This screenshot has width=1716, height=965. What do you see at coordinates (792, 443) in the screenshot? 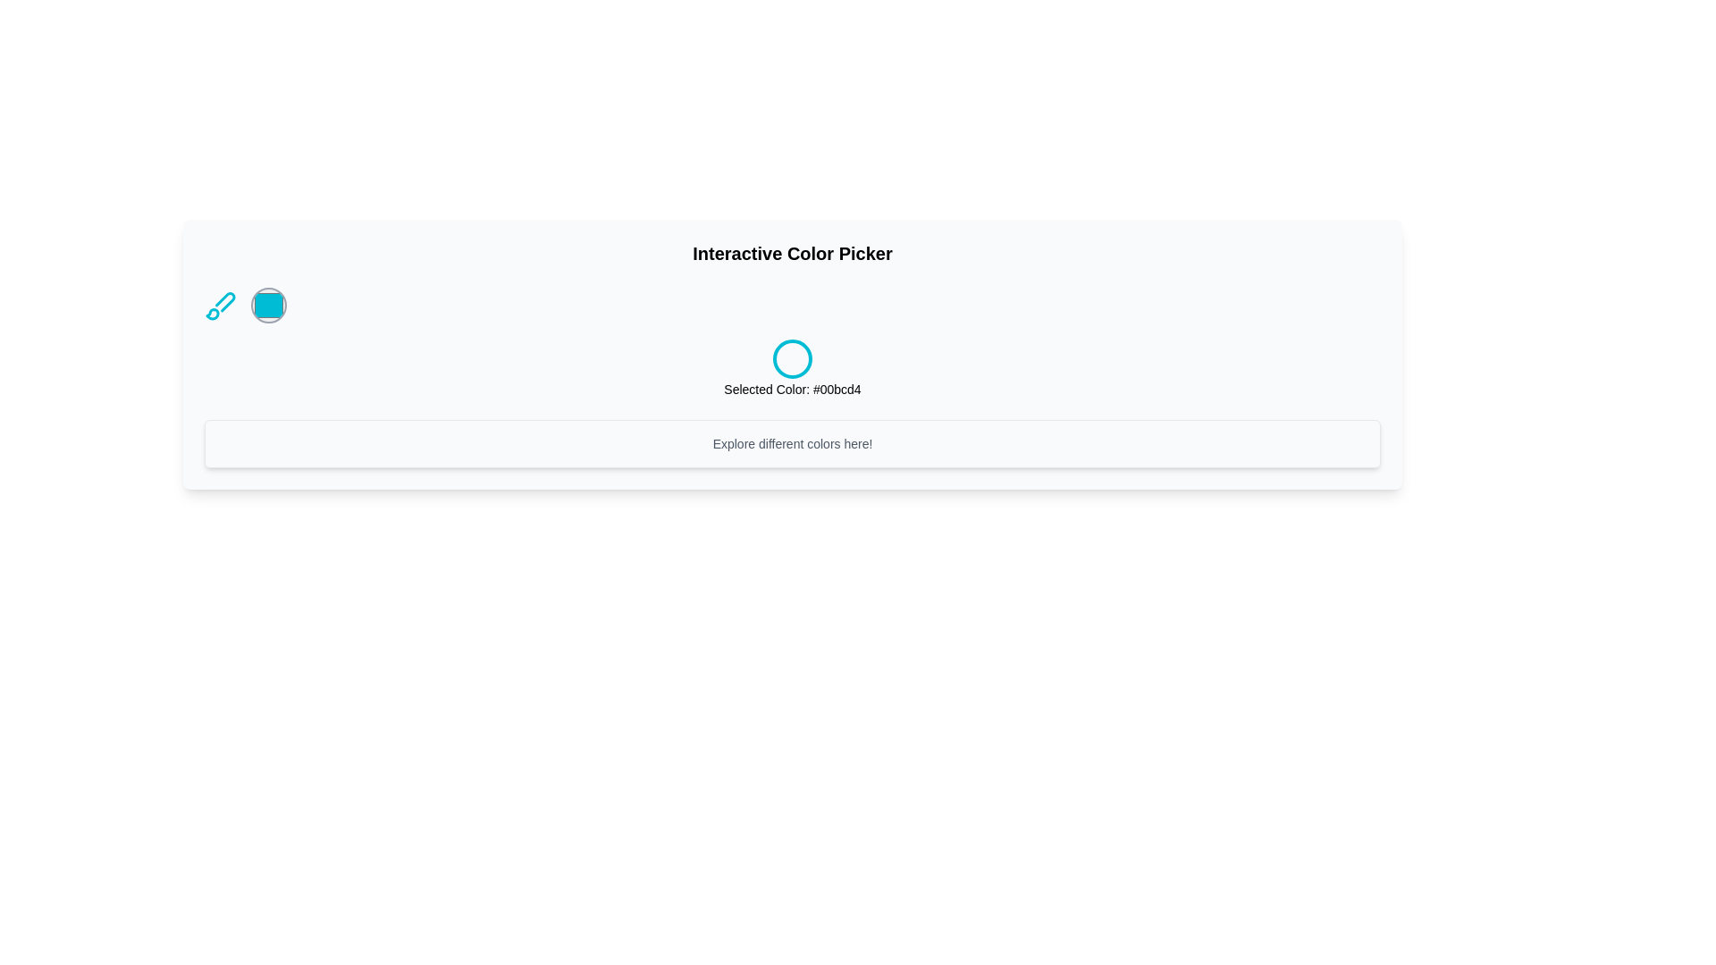
I see `the Text Box that provides information about the color selection feature, located below the color circle and the text 'Selected Color: #00bcd4' in the 'Interactive Color Picker' section` at bounding box center [792, 443].